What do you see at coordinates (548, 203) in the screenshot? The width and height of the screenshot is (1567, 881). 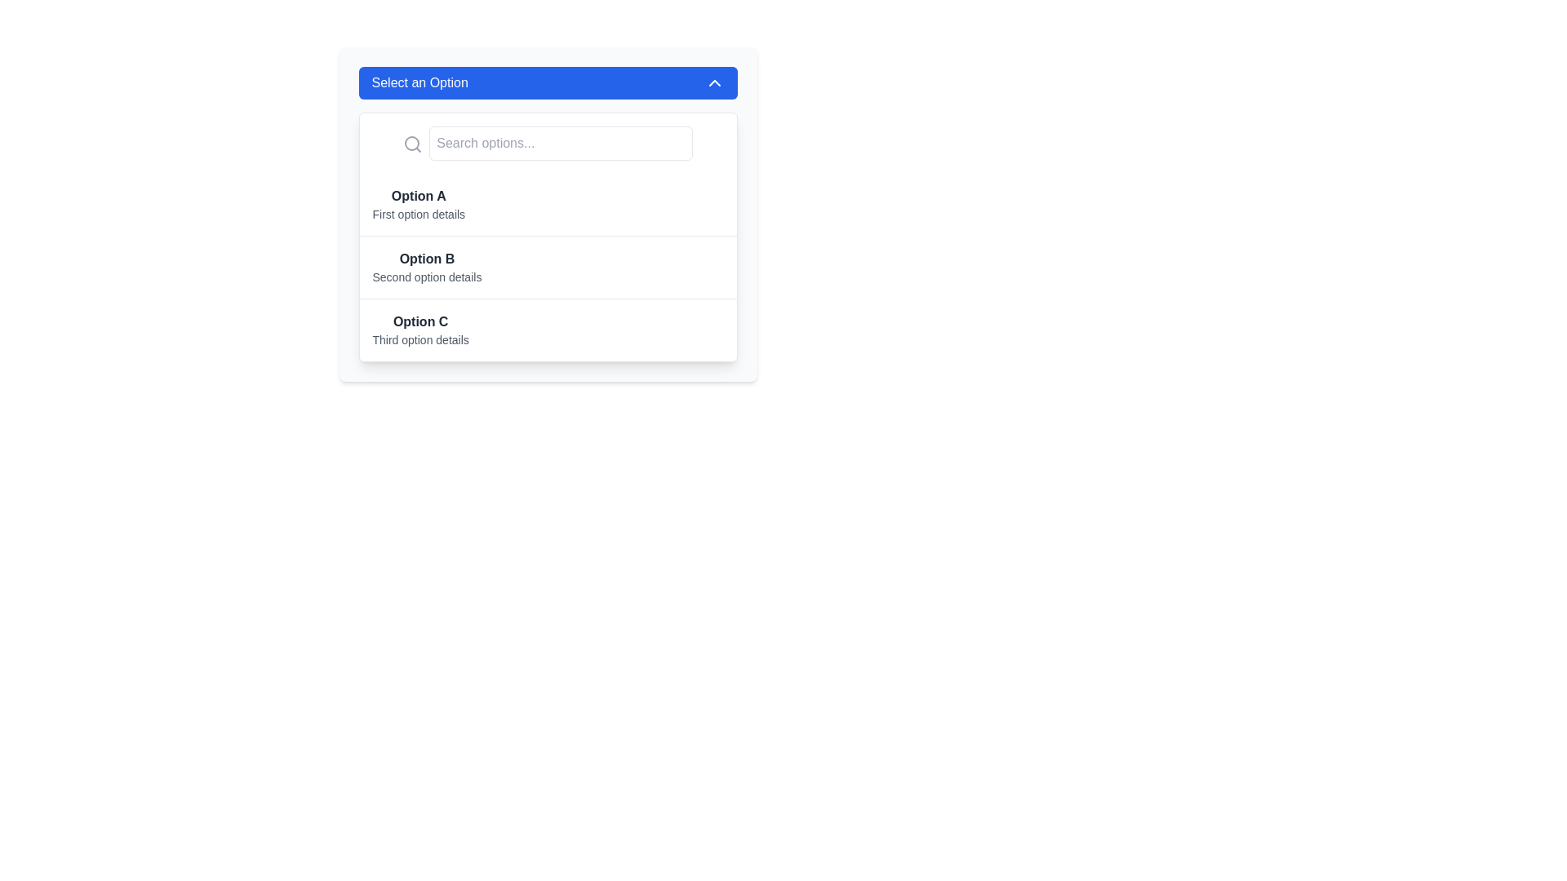 I see `the first selectable option in the dropdown menu titled 'Option A'` at bounding box center [548, 203].